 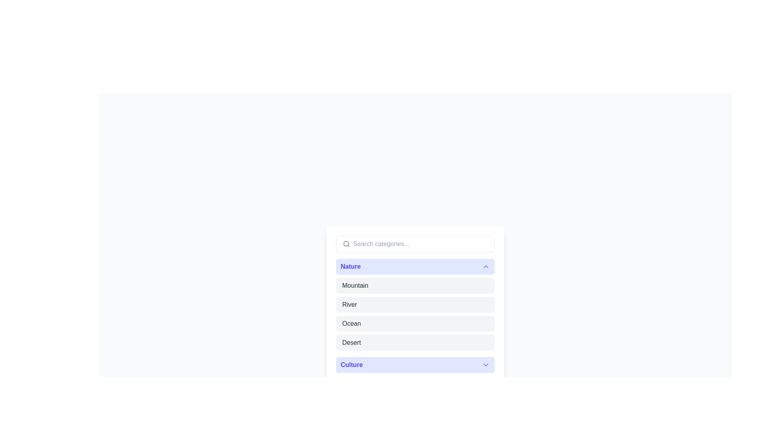 What do you see at coordinates (485, 266) in the screenshot?
I see `the upward-pointing chevron icon associated with the 'Nature' section` at bounding box center [485, 266].